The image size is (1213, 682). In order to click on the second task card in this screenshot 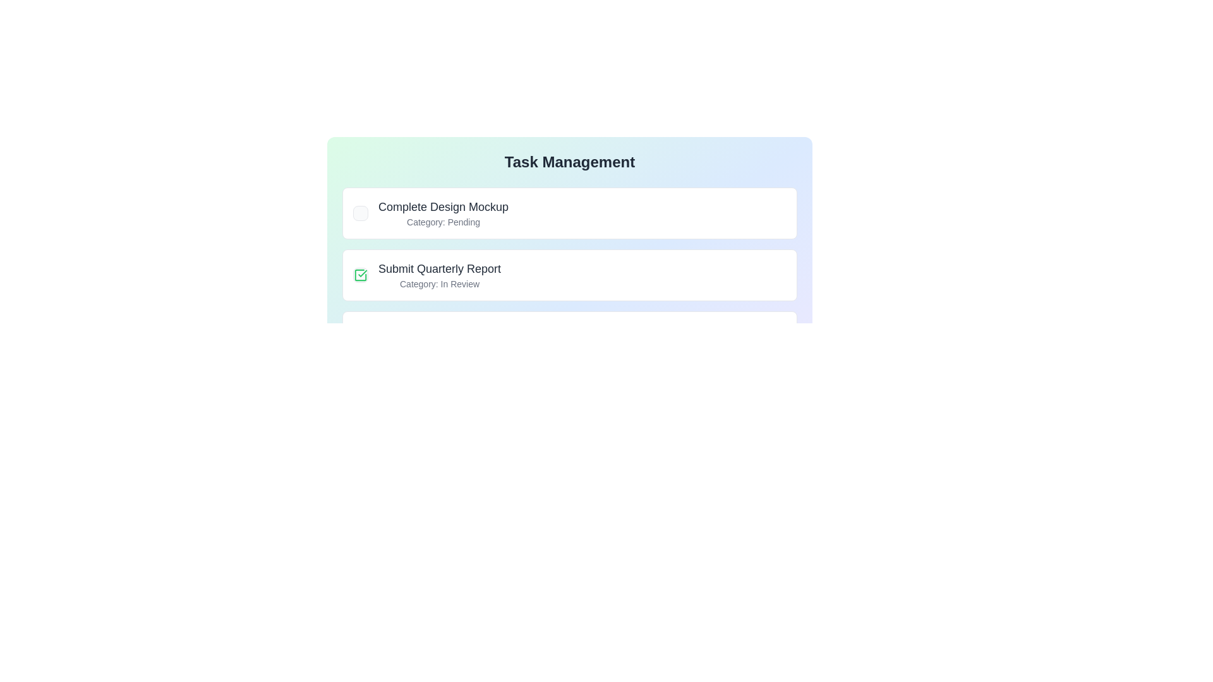, I will do `click(569, 274)`.